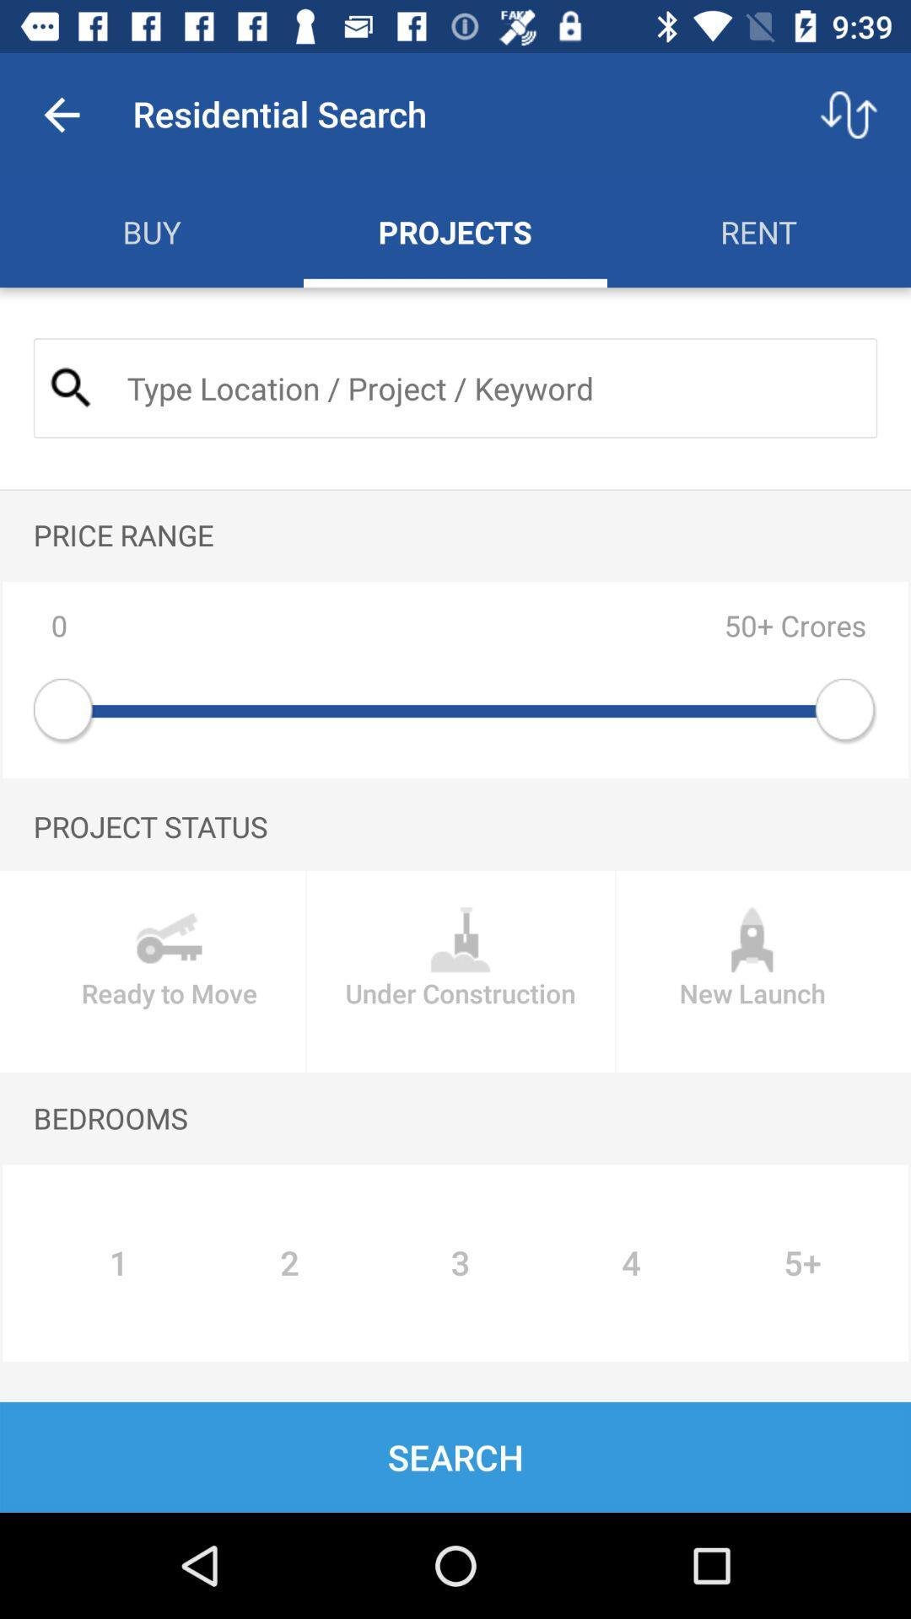 Image resolution: width=911 pixels, height=1619 pixels. I want to click on icon to the right of 2 item, so click(461, 1263).